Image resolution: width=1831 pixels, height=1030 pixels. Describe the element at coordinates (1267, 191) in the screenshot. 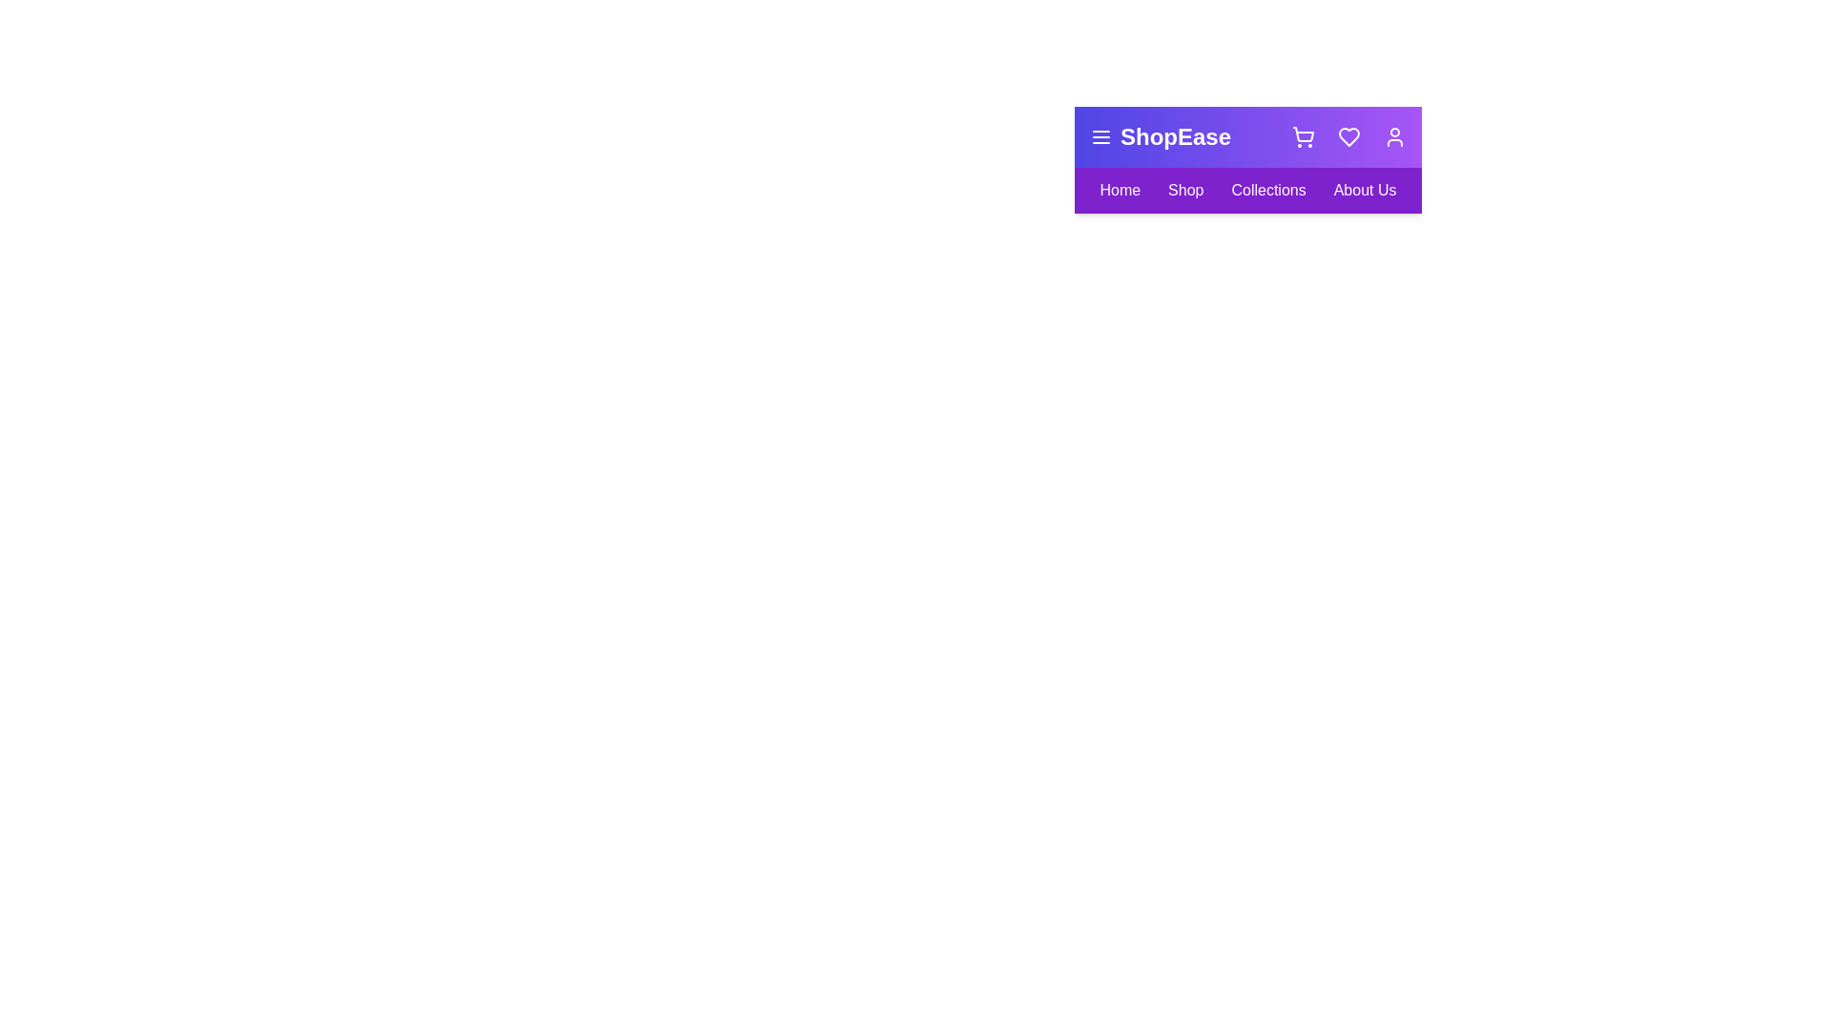

I see `the 'Collections' link in the navigation bar` at that location.